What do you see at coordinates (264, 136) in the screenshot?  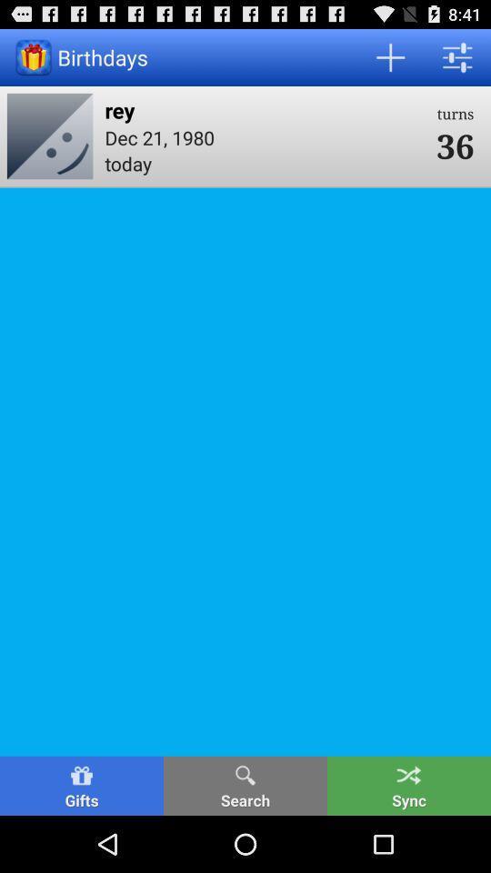 I see `the item above the today app` at bounding box center [264, 136].